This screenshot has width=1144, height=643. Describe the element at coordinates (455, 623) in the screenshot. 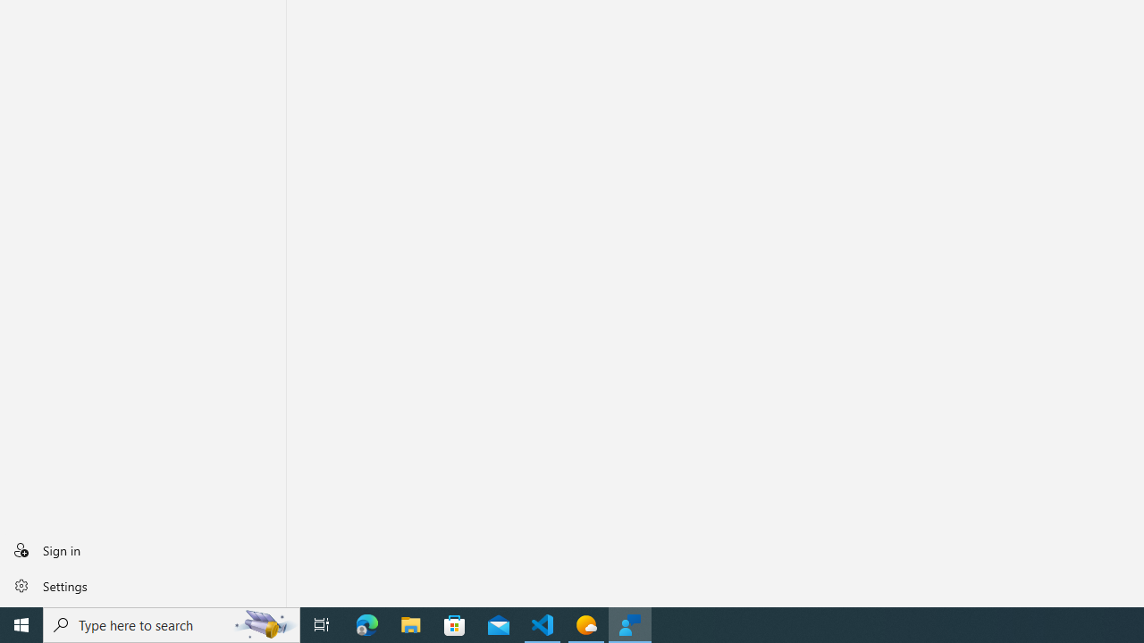

I see `'Microsoft Store'` at that location.